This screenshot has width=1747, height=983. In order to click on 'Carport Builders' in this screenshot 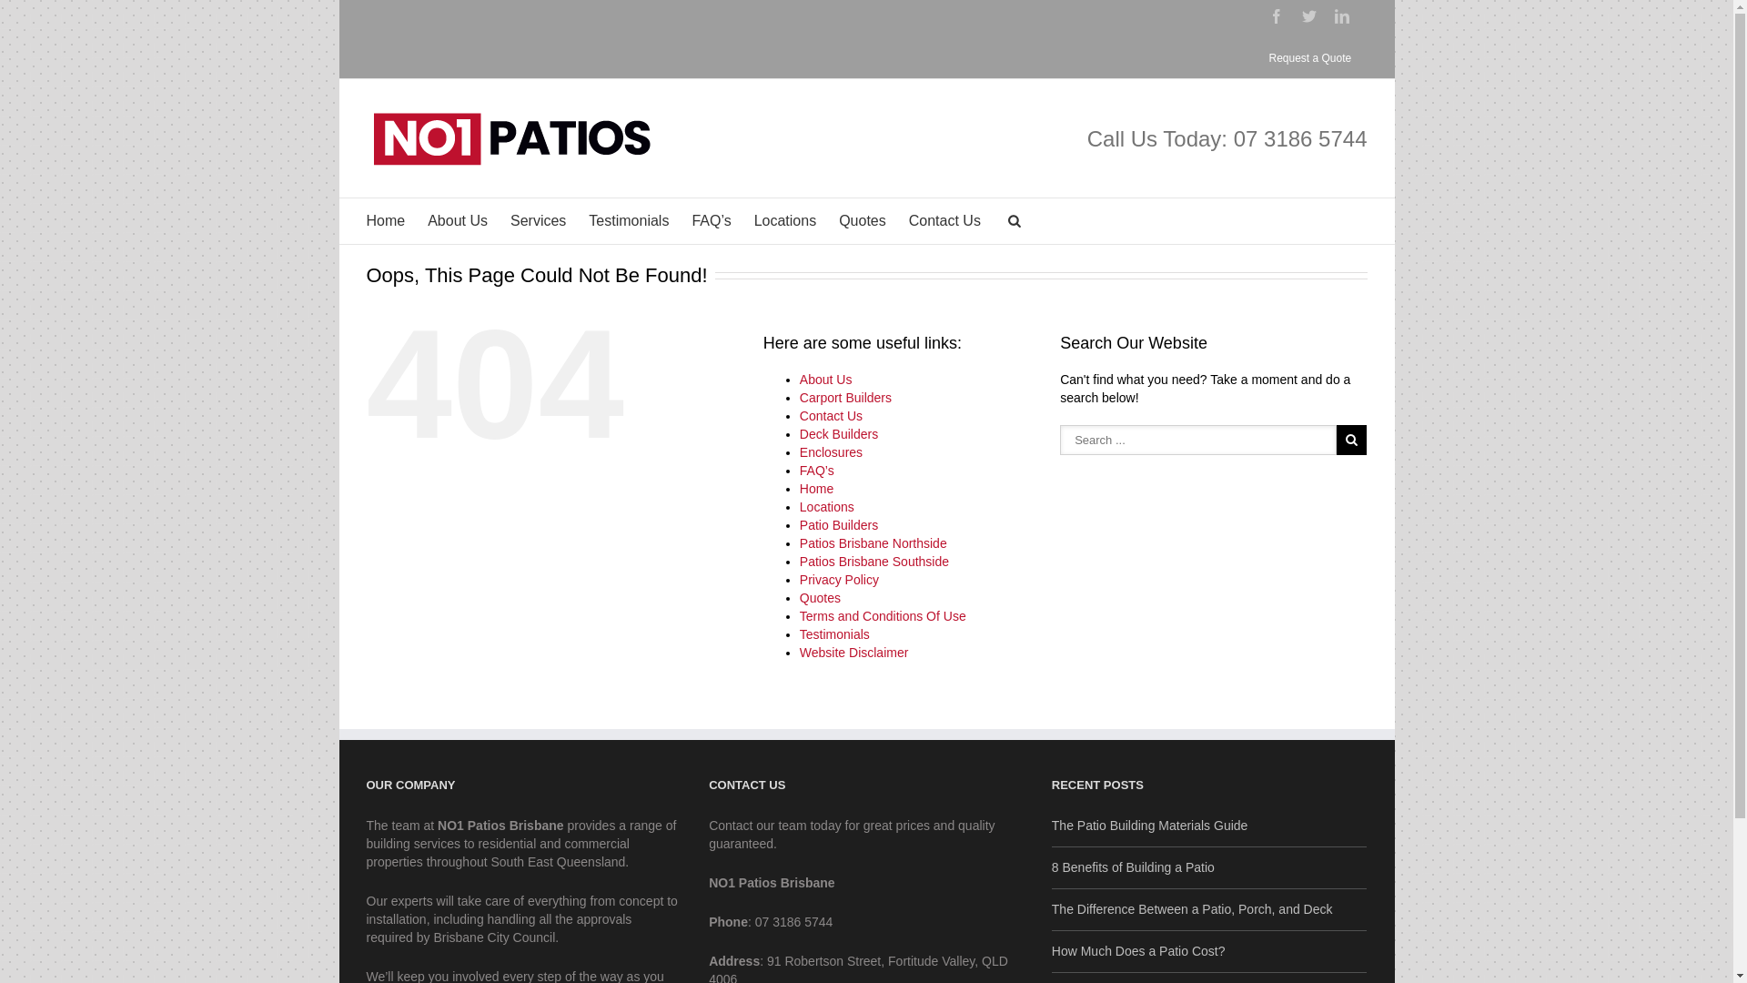, I will do `click(799, 396)`.